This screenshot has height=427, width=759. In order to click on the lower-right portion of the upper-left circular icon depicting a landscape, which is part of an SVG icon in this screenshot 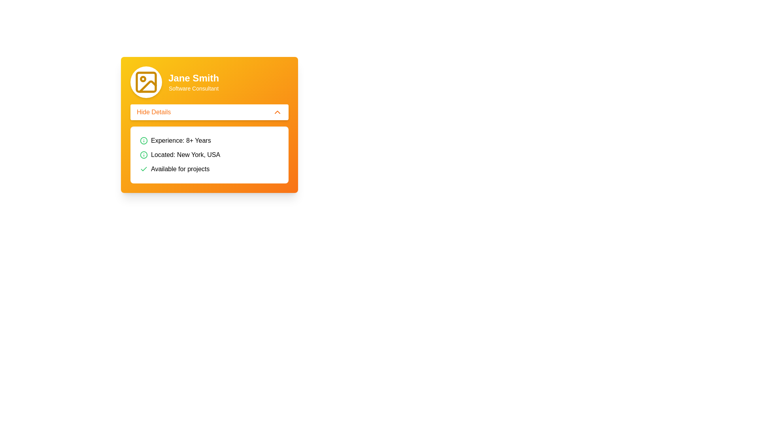, I will do `click(148, 87)`.